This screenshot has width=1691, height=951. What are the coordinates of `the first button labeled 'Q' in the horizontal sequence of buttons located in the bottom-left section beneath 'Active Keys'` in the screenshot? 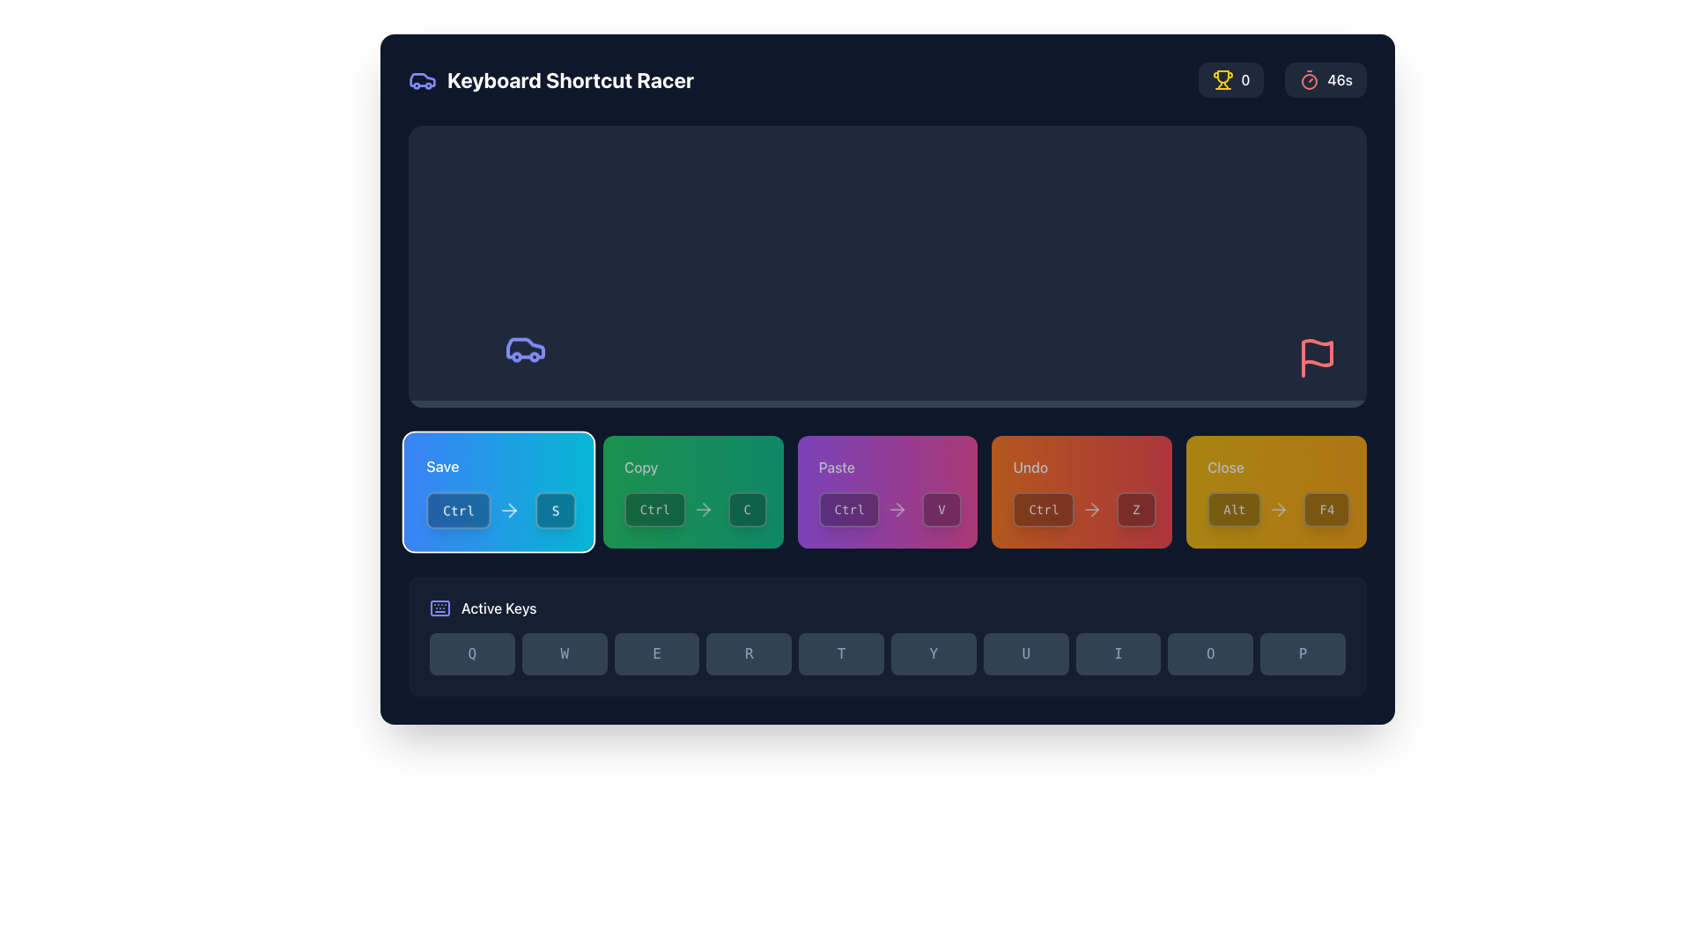 It's located at (472, 654).